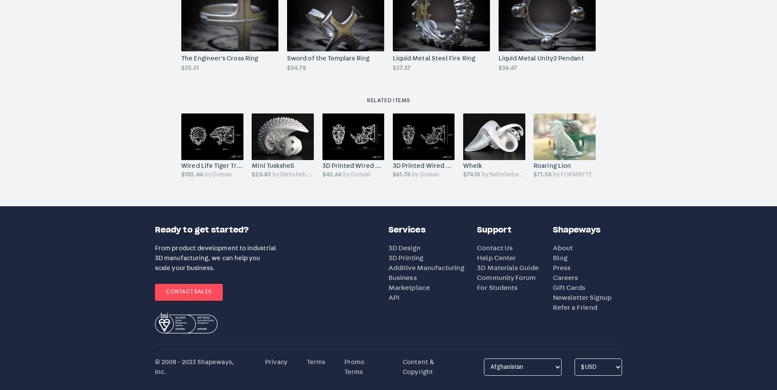  Describe the element at coordinates (493, 230) in the screenshot. I see `'Support'` at that location.